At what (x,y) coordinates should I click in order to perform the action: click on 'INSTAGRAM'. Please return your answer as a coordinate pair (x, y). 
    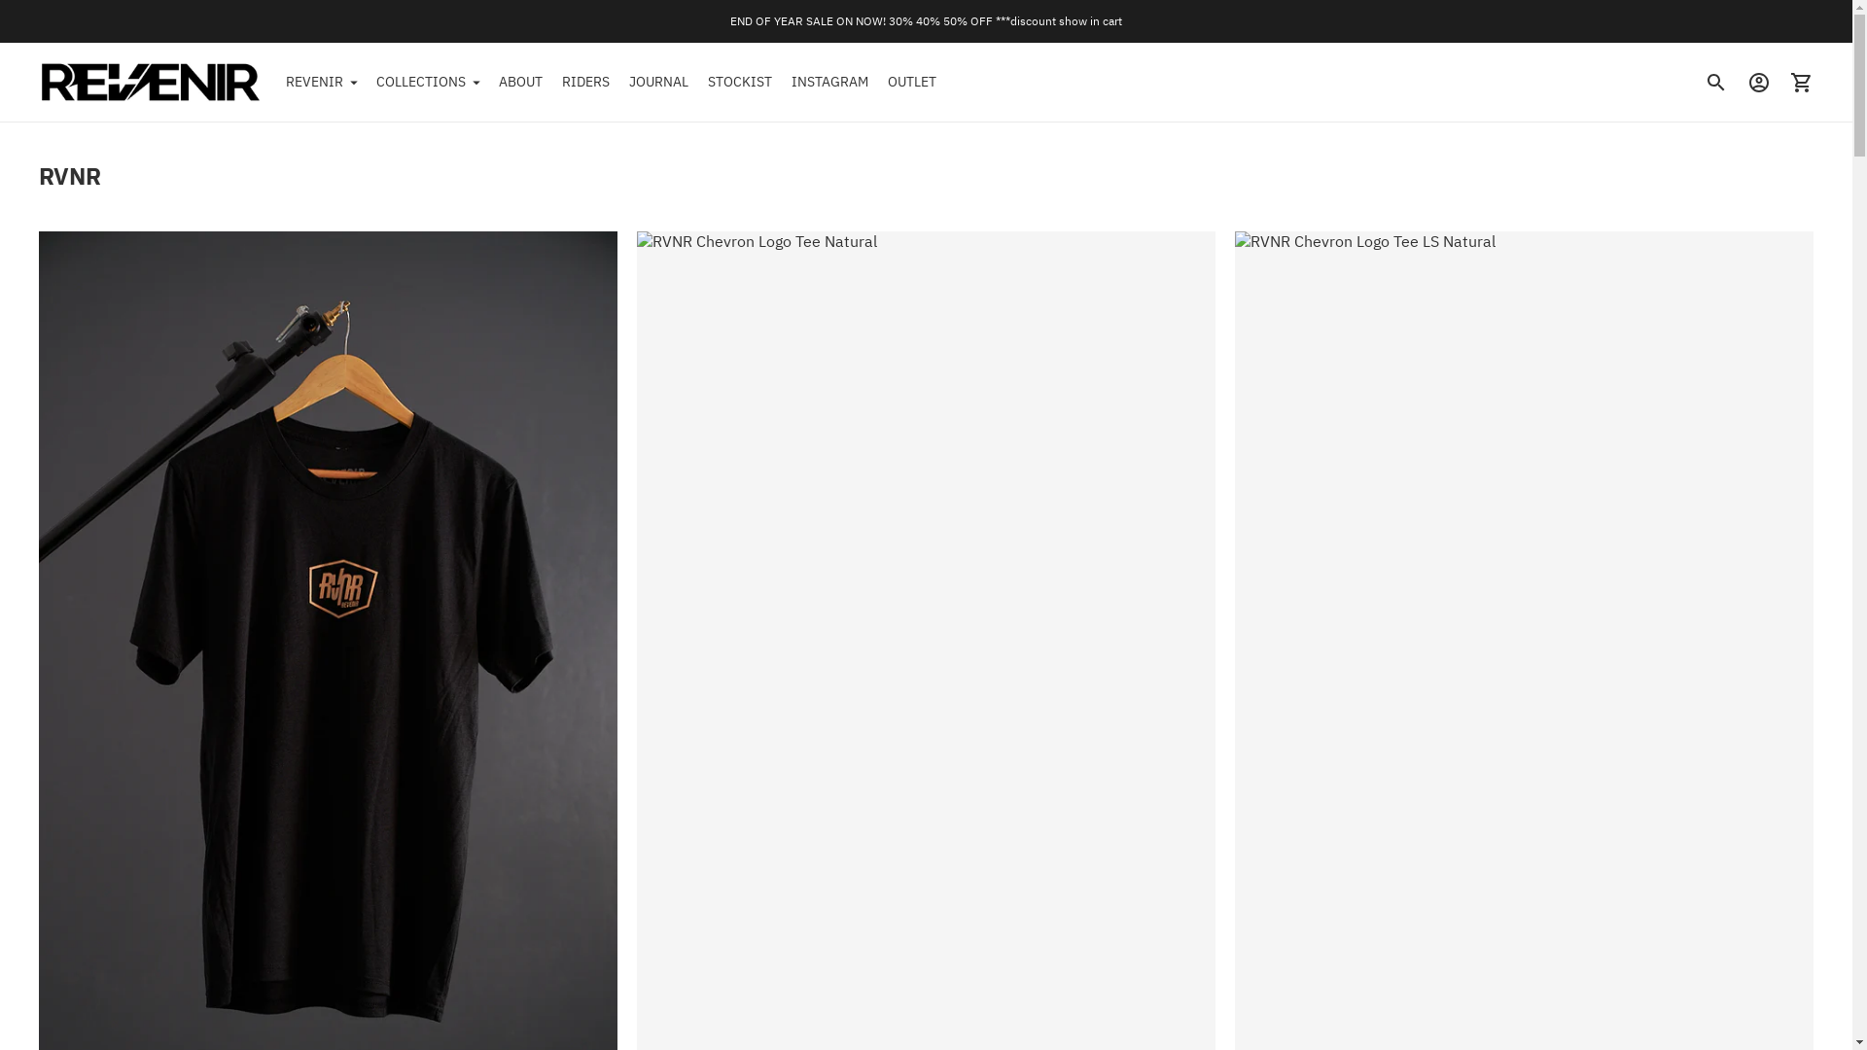
    Looking at the image, I should click on (829, 81).